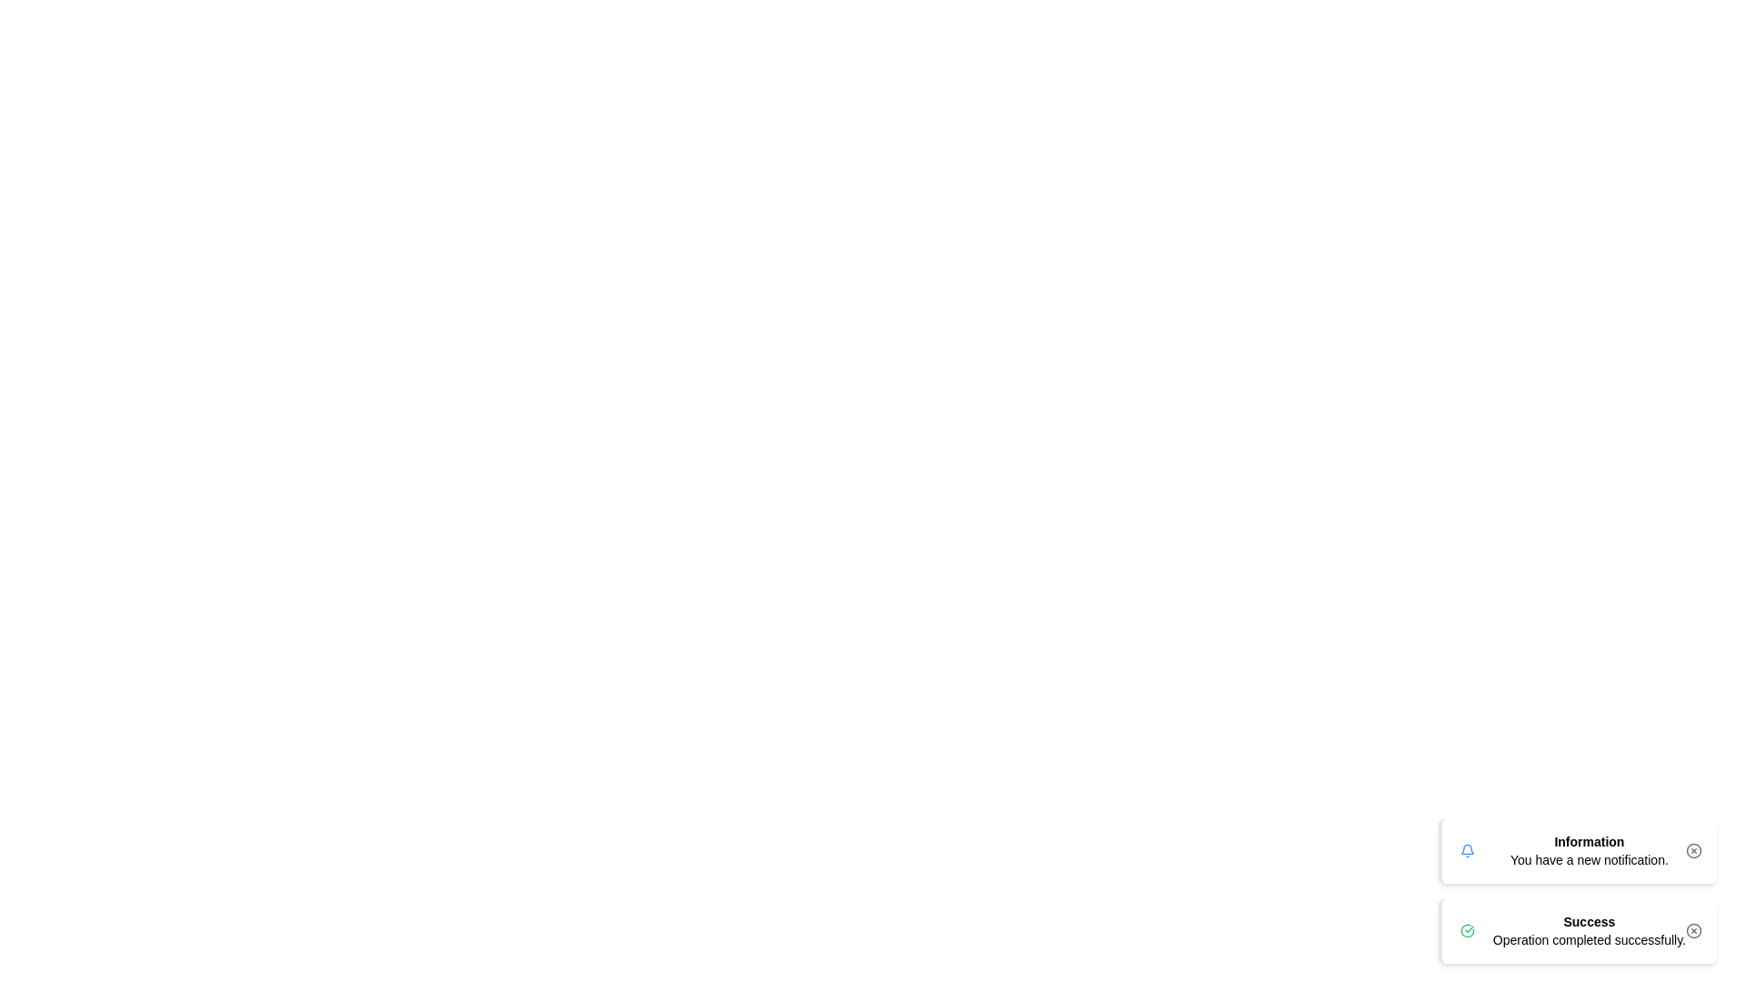  Describe the element at coordinates (1588, 930) in the screenshot. I see `the 'Success' notification TextBlock, which contains the message 'Operation completed successfully.' and is styled with a light green background` at that location.